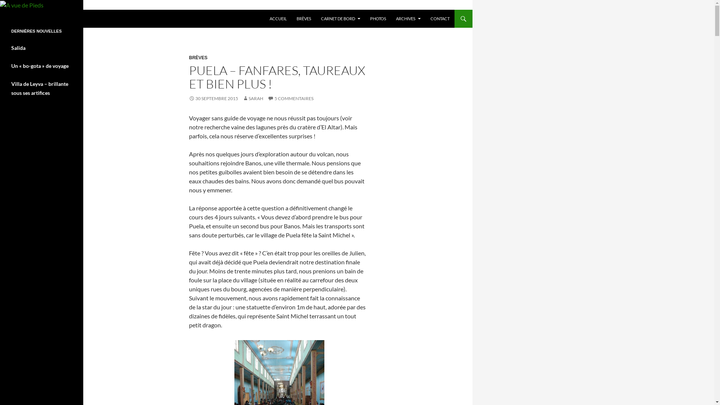  Describe the element at coordinates (32, 18) in the screenshot. I see `'A vue de Pieds'` at that location.